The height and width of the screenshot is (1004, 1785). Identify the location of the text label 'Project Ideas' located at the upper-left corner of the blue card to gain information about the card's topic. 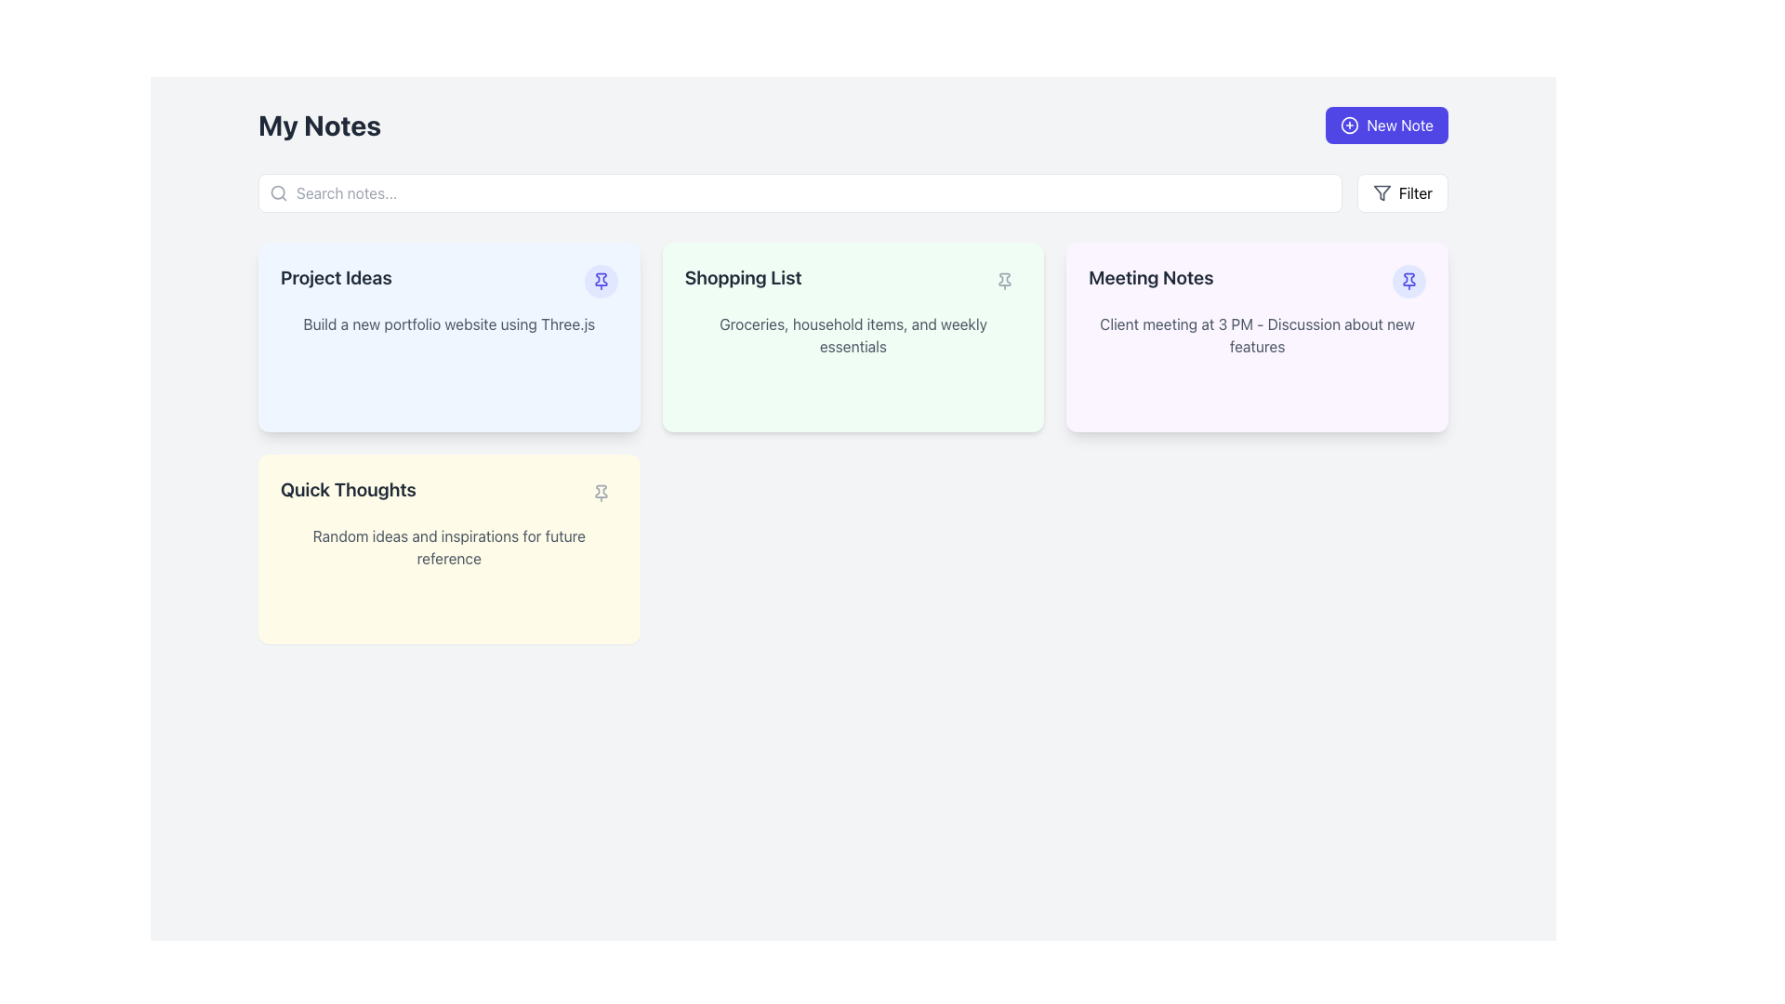
(336, 278).